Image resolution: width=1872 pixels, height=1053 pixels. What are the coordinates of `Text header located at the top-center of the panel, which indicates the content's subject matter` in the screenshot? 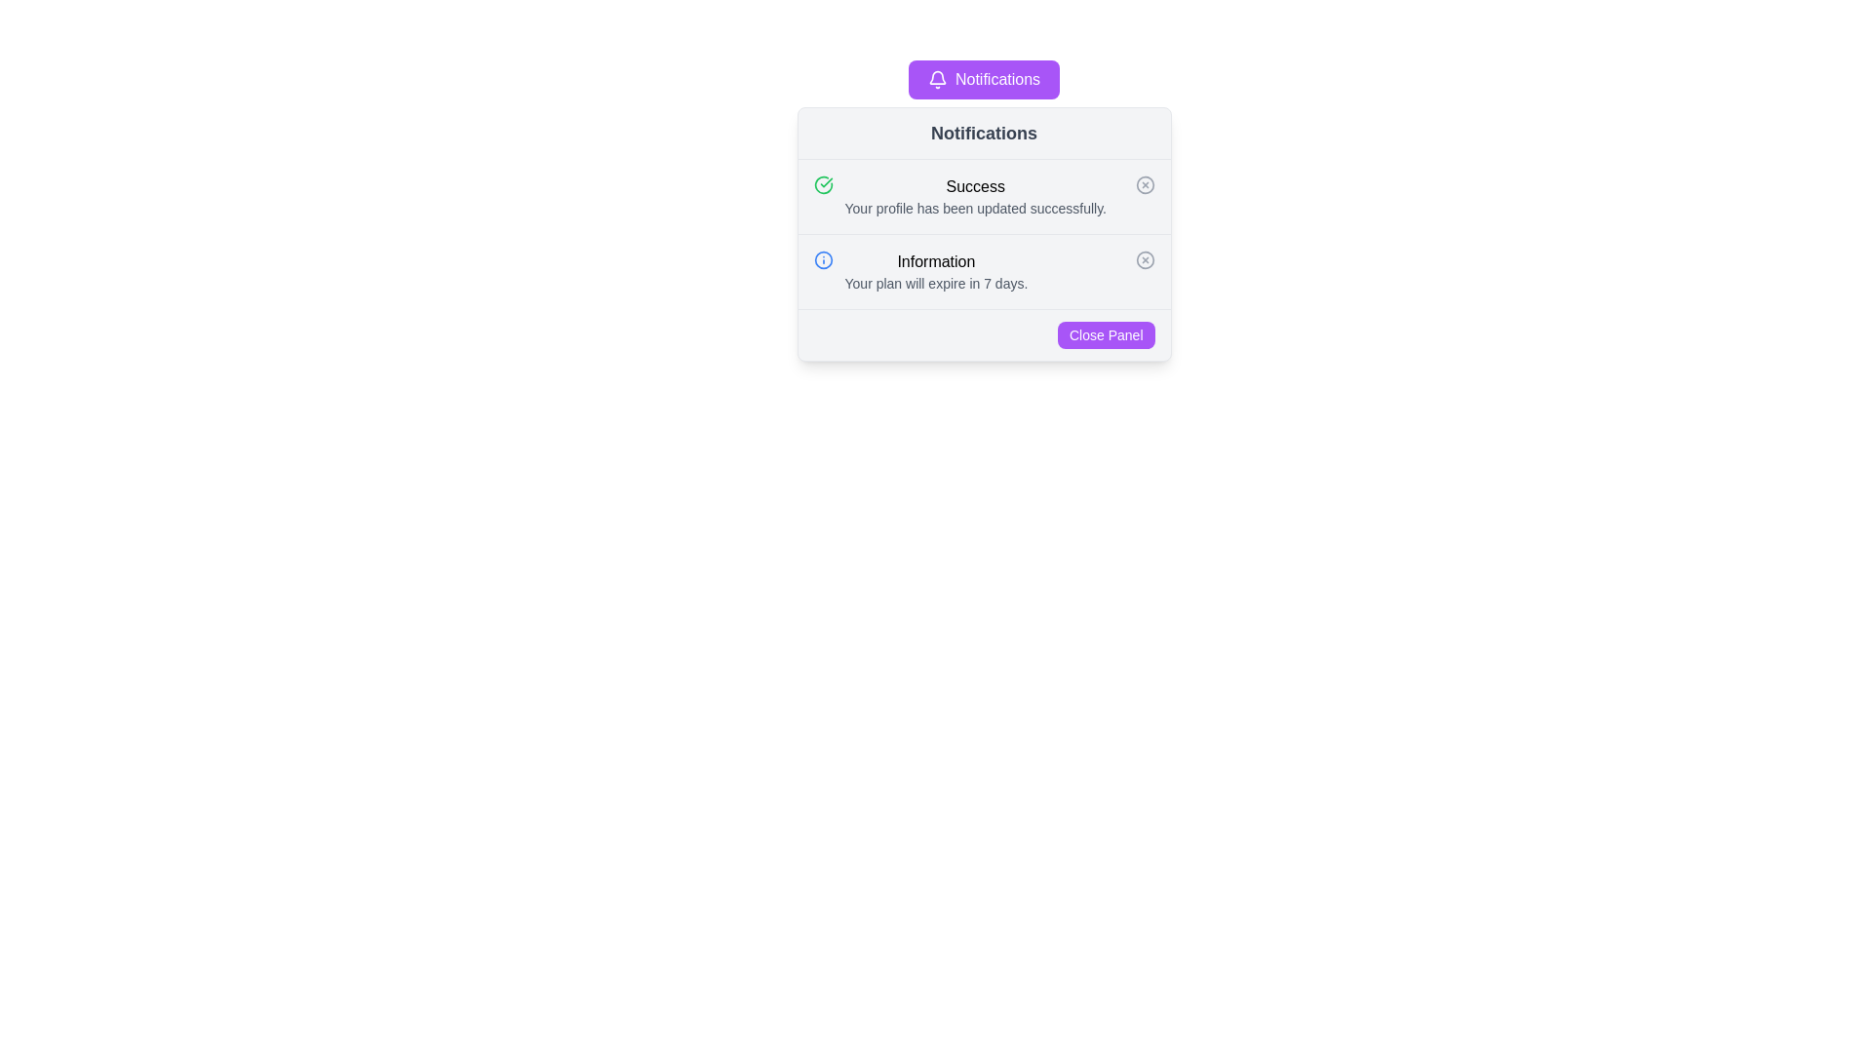 It's located at (984, 133).